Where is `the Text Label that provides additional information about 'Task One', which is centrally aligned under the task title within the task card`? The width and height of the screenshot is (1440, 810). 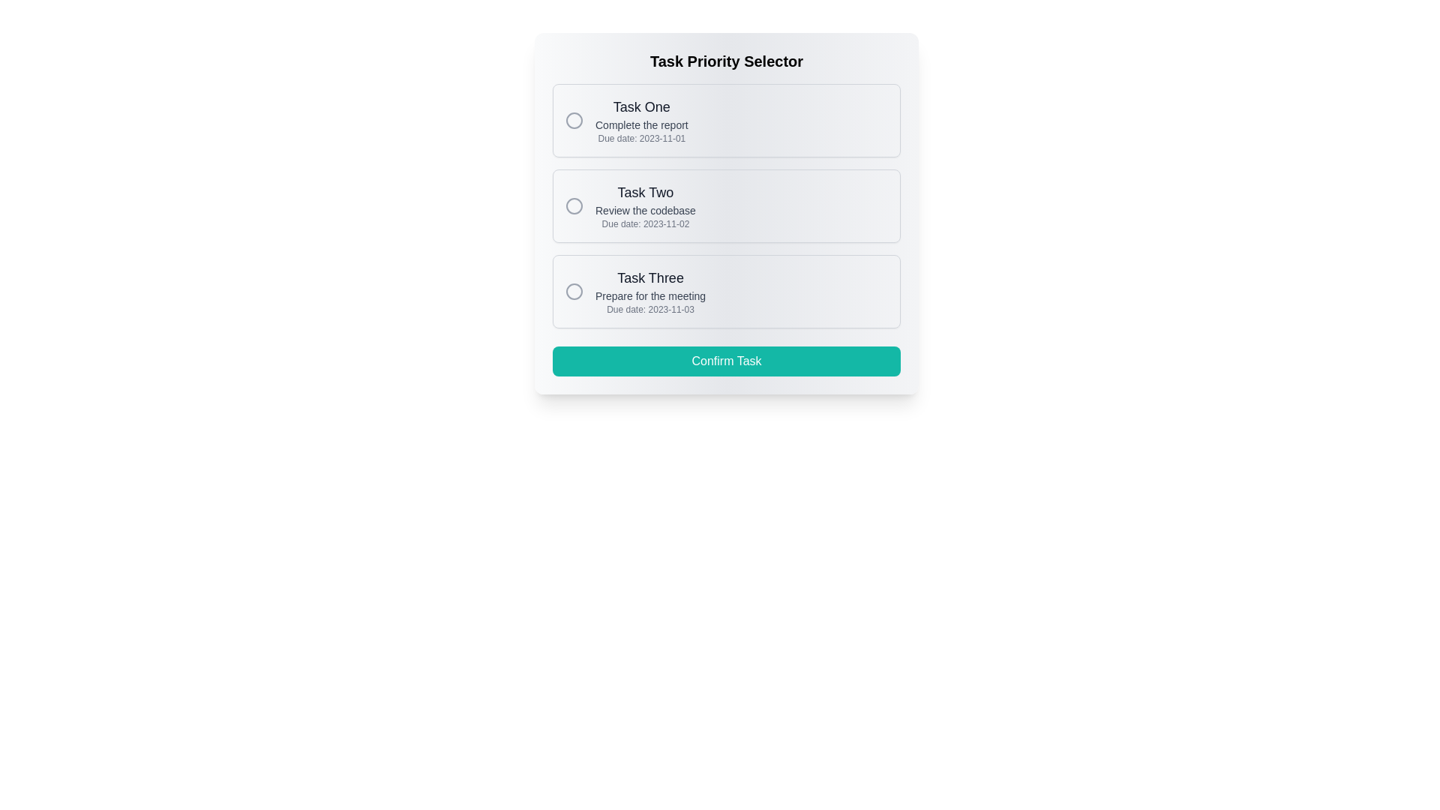
the Text Label that provides additional information about 'Task One', which is centrally aligned under the task title within the task card is located at coordinates (641, 124).